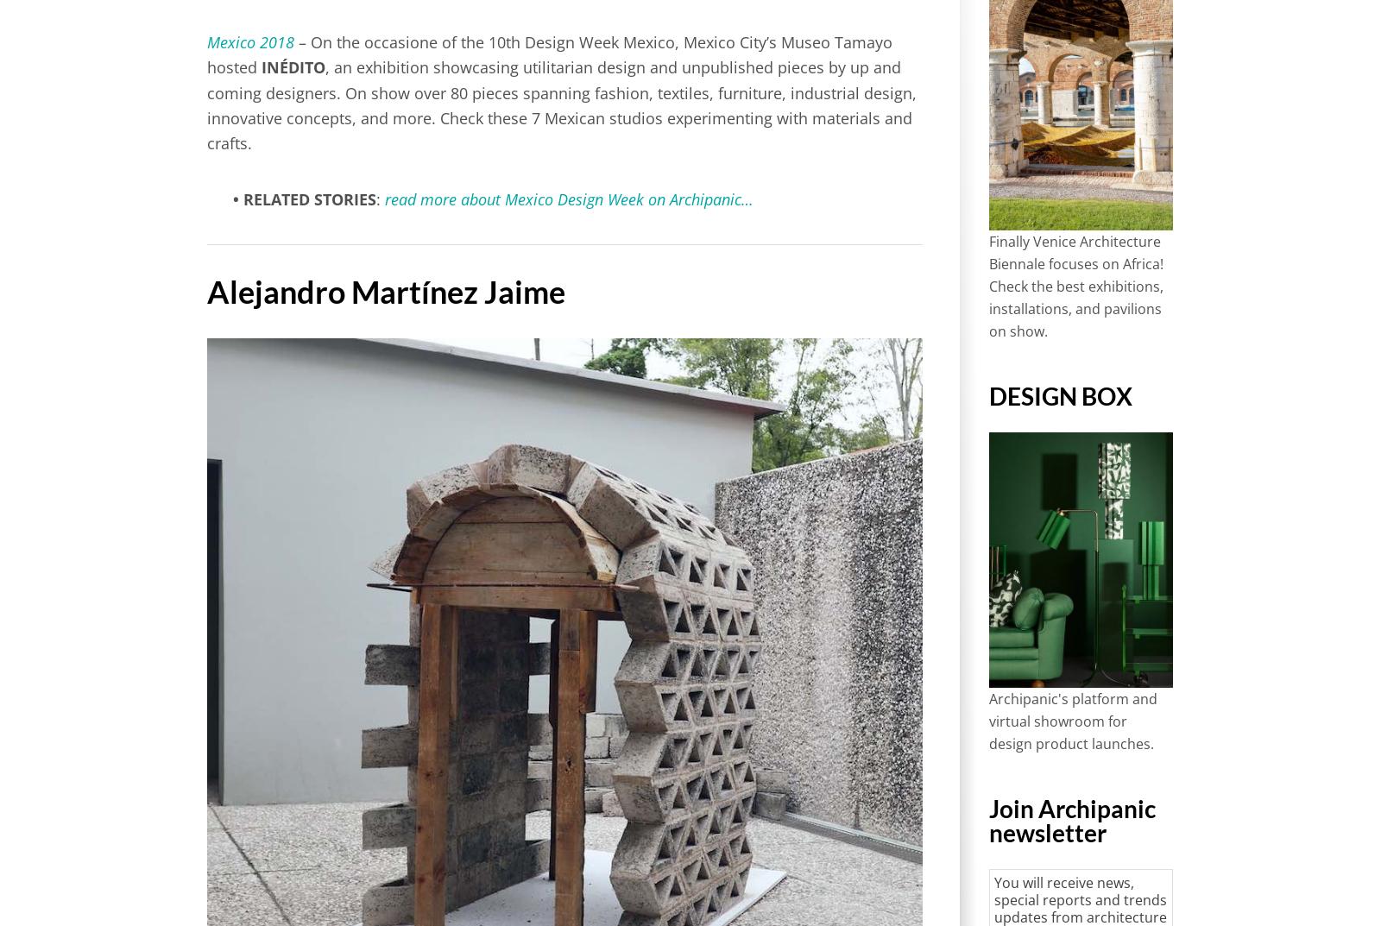  What do you see at coordinates (250, 41) in the screenshot?
I see `'Mexico 2018'` at bounding box center [250, 41].